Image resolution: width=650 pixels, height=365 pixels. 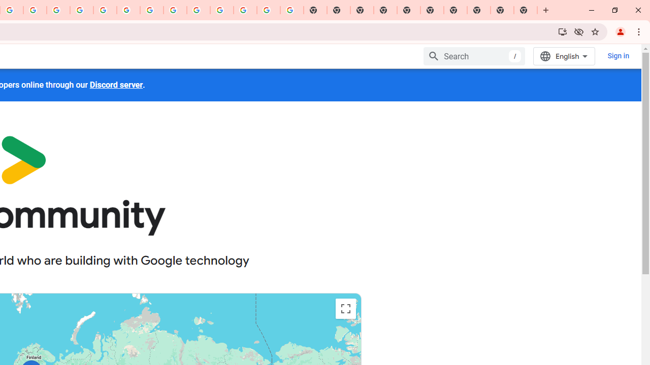 I want to click on 'Privacy Help Center - Policies Help', so click(x=82, y=10).